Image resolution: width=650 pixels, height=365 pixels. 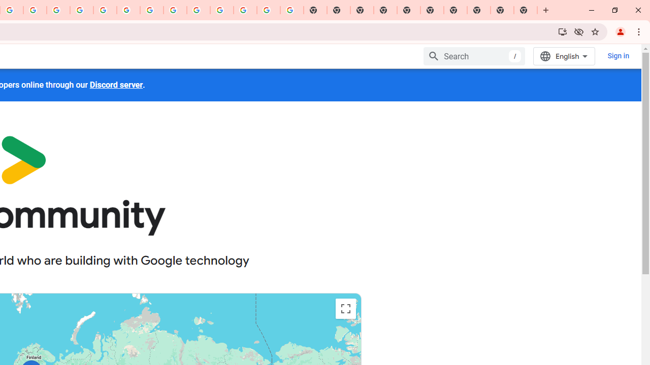 I want to click on 'Privacy Help Center - Policies Help', so click(x=82, y=10).